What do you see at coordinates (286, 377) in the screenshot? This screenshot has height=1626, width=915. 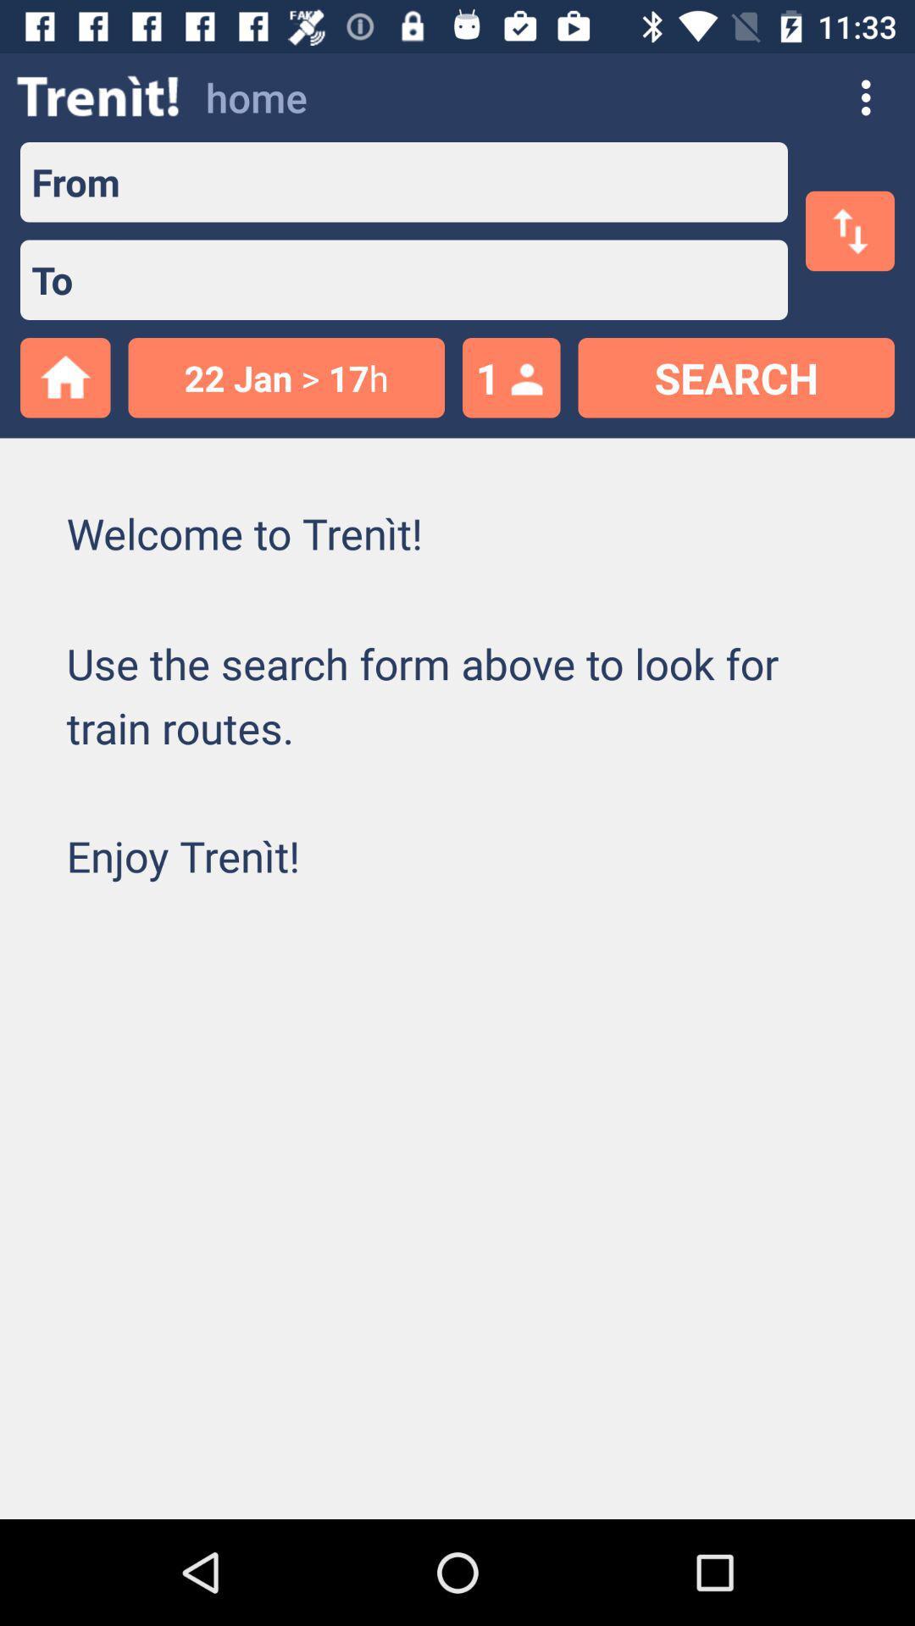 I see `22 jan > 17h item` at bounding box center [286, 377].